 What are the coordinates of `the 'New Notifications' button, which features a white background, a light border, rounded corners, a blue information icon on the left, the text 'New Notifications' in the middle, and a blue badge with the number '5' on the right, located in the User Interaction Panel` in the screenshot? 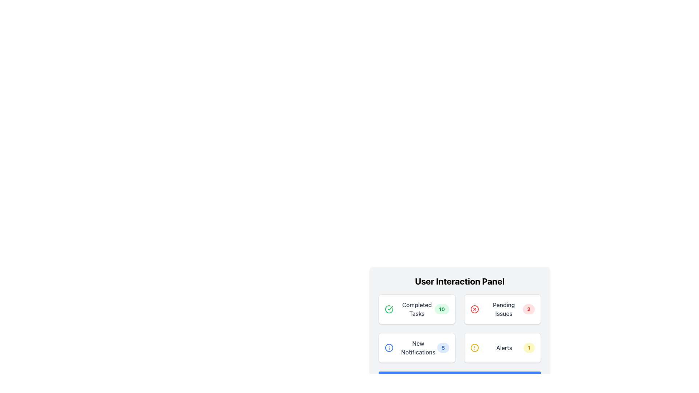 It's located at (417, 348).